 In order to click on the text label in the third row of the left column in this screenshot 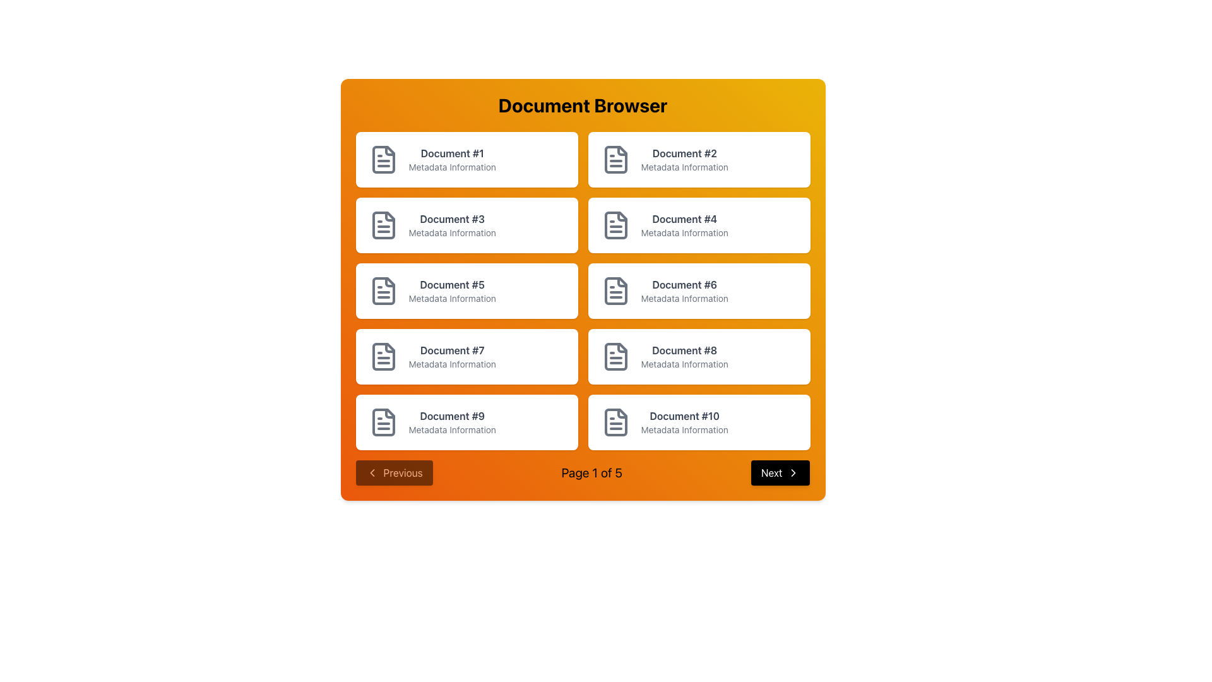, I will do `click(452, 291)`.